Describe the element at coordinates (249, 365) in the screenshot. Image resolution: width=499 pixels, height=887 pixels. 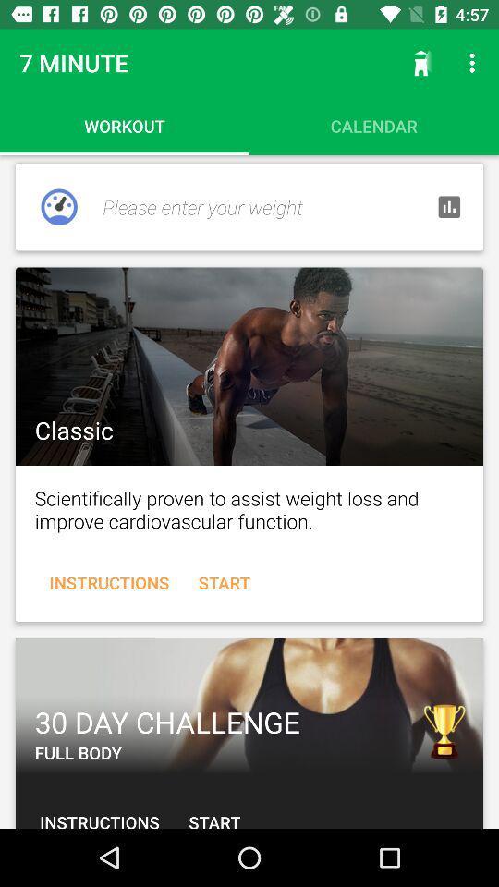
I see `workout` at that location.